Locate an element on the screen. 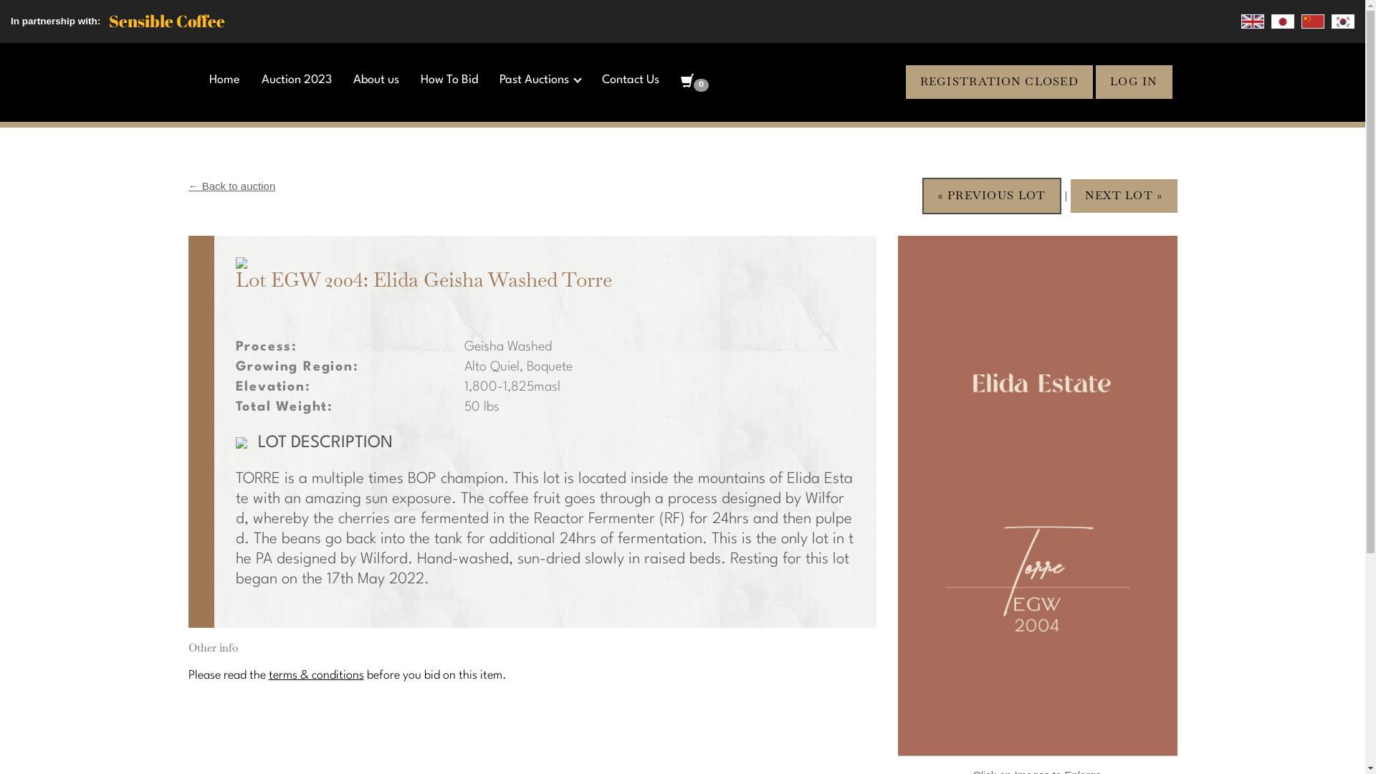 This screenshot has width=1376, height=774. 'zh' is located at coordinates (1313, 21).